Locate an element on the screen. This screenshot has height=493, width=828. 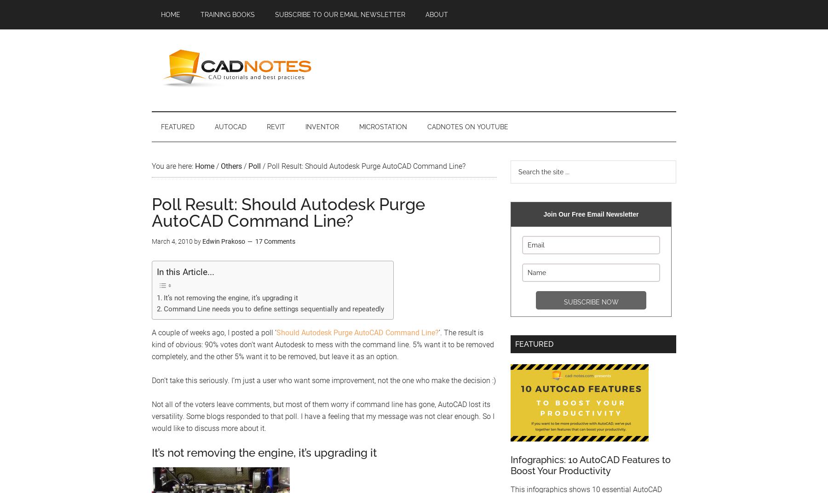
'Training Books' is located at coordinates (227, 14).